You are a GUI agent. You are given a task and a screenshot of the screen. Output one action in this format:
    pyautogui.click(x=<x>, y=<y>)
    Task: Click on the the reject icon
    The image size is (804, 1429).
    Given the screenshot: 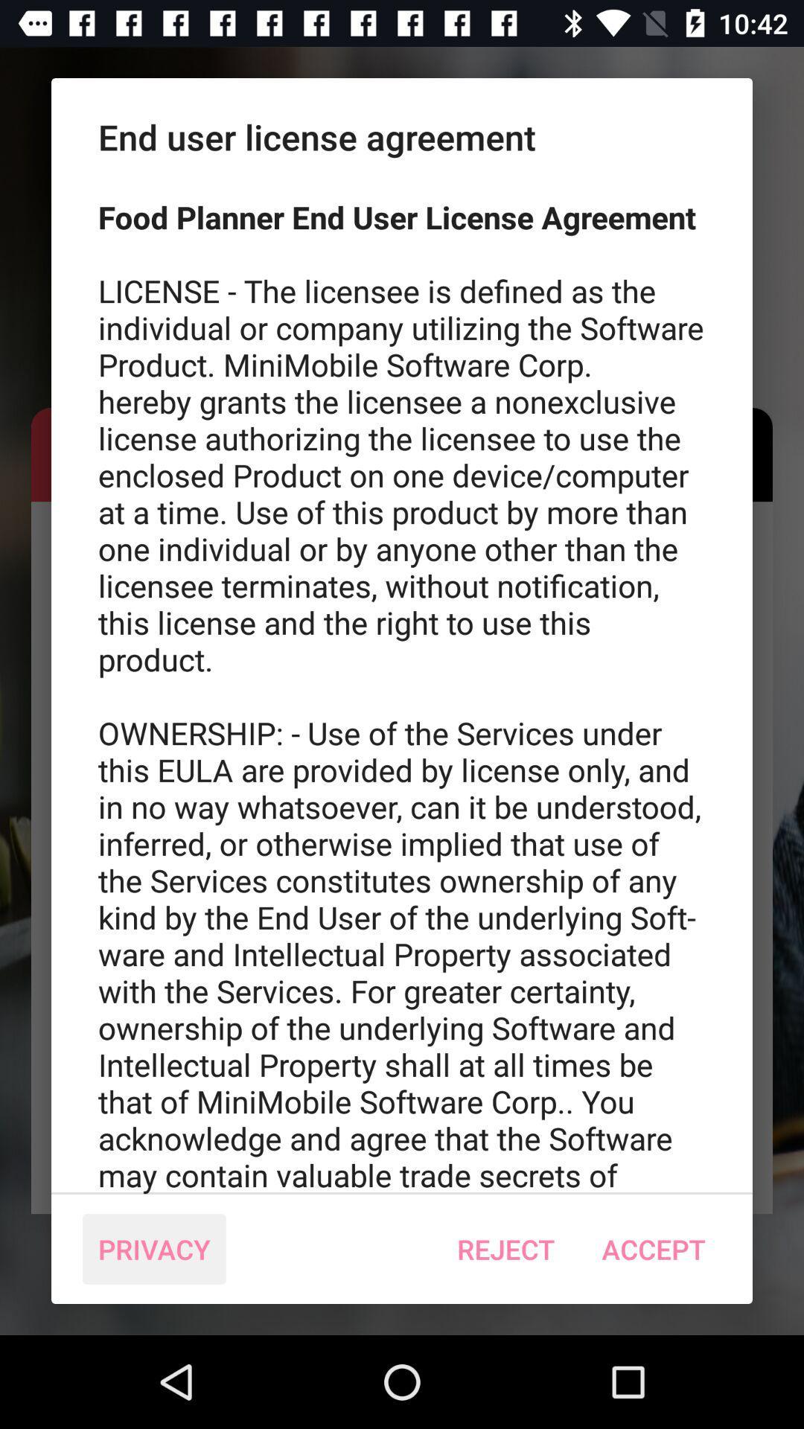 What is the action you would take?
    pyautogui.click(x=505, y=1249)
    